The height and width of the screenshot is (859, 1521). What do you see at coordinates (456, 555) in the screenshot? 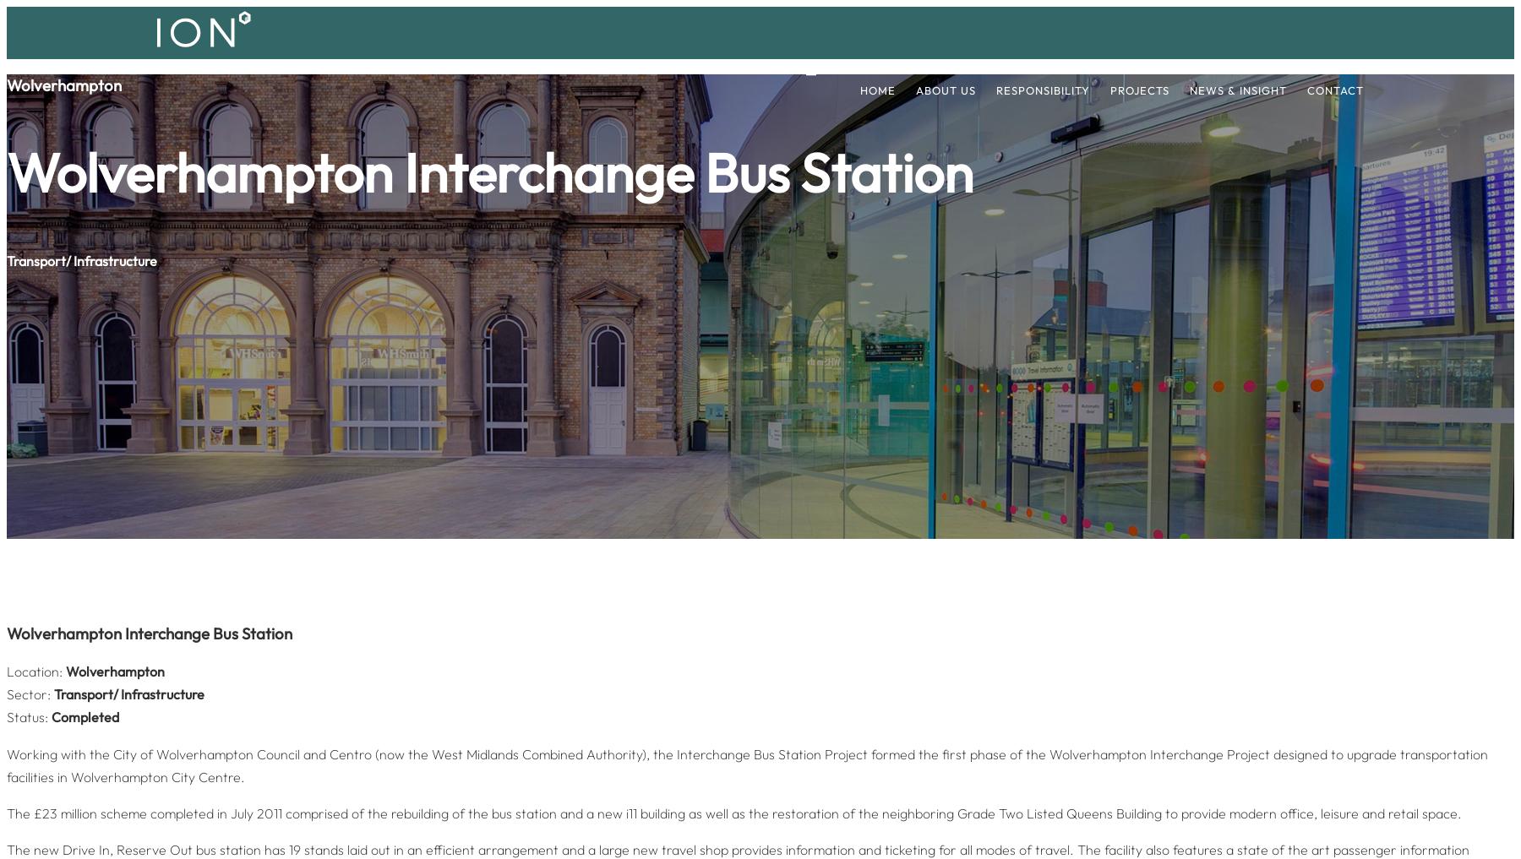
I see `'Quality Policy'` at bounding box center [456, 555].